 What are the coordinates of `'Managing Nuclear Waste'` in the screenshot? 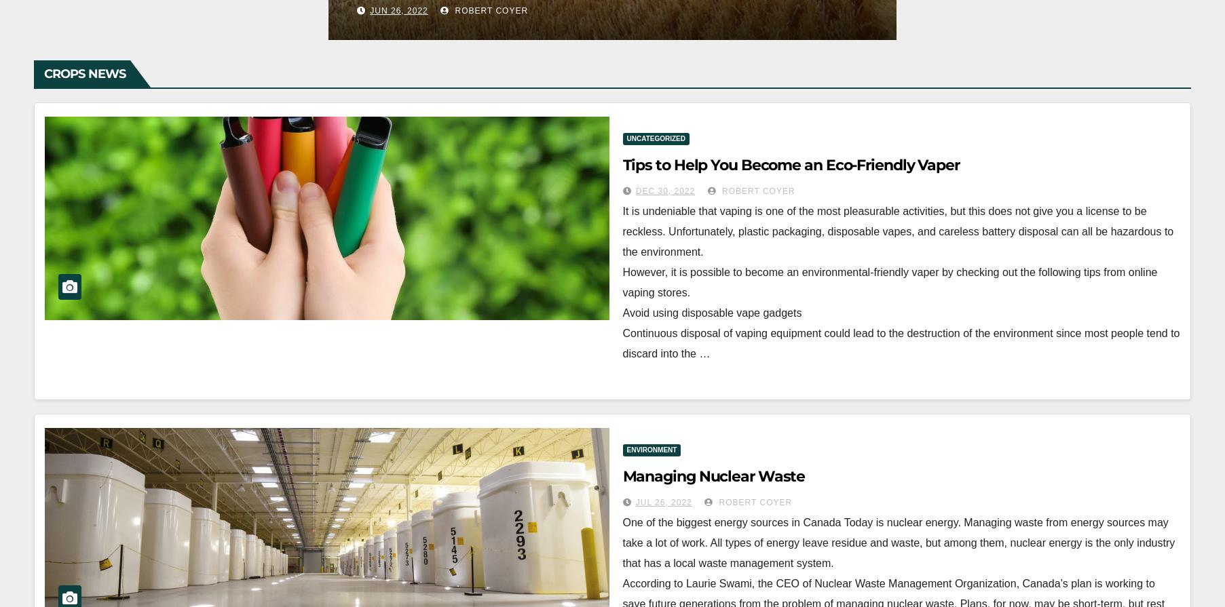 It's located at (713, 475).